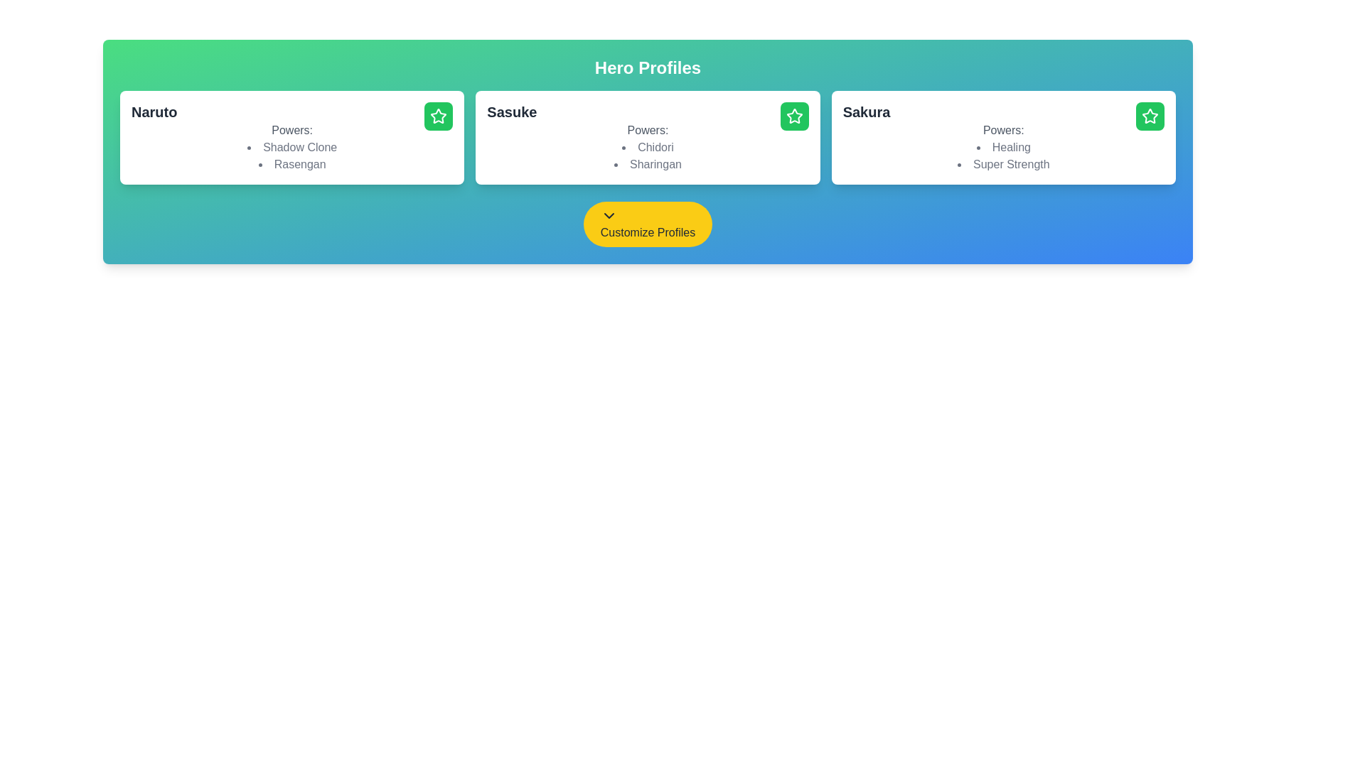 This screenshot has width=1365, height=767. What do you see at coordinates (1150, 115) in the screenshot?
I see `the interactive favorite icon located in the top-right corner of Sakura's profile card` at bounding box center [1150, 115].